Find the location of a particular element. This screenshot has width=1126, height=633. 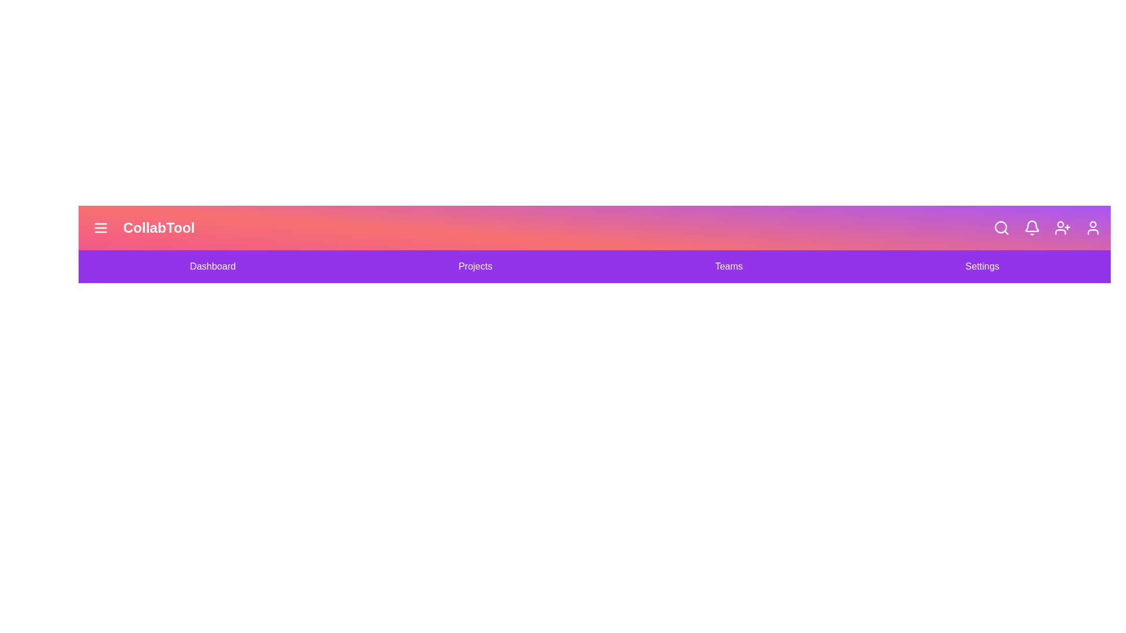

the 'Toggle Menu' button to toggle the menu visibility is located at coordinates (101, 228).